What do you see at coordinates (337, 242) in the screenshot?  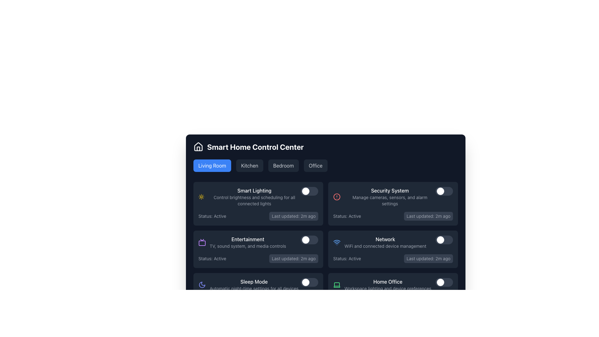 I see `the Wi-Fi connectivity icon located on the left side of the 'Network' block, which includes 'WiFi and connected device management' text` at bounding box center [337, 242].